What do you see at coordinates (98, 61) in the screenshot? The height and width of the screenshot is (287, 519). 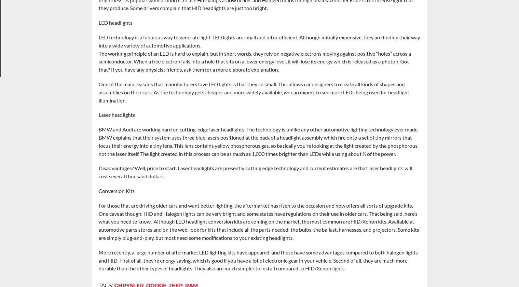 I see `'The working principle of an LED is hard to explain, but in short words, they rely on negative electrons moving against positive “holes” across a semiconductor. When a free electron falls into a hole that sits on a lower energy level, it will lose its energy which is released as a photon. Got that? If you have any physicist friends, ask them for a more elaborate explanation.'` at bounding box center [98, 61].